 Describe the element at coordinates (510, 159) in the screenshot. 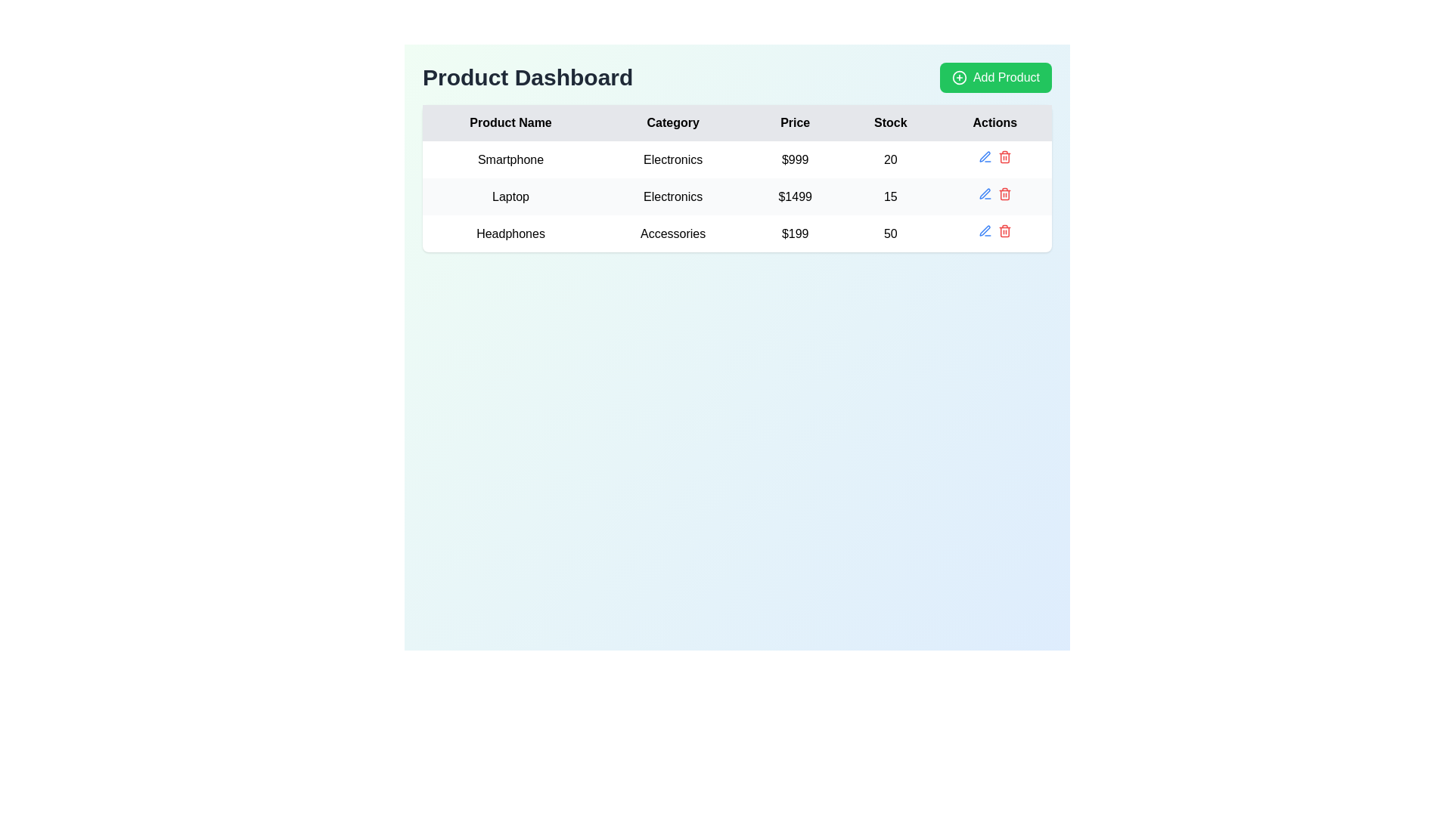

I see `the Text label that indicates the product name in the first data row of the table` at that location.